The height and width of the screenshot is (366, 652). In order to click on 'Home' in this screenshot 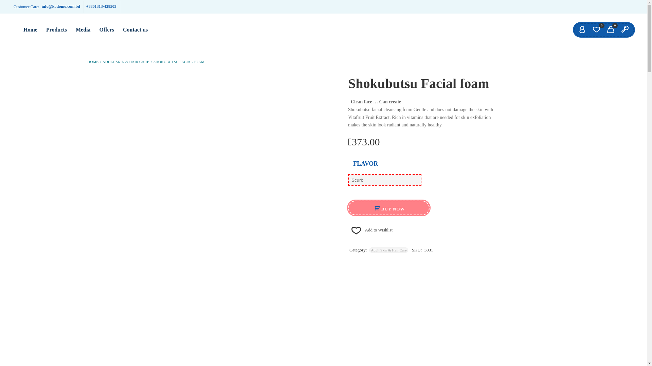, I will do `click(30, 29)`.